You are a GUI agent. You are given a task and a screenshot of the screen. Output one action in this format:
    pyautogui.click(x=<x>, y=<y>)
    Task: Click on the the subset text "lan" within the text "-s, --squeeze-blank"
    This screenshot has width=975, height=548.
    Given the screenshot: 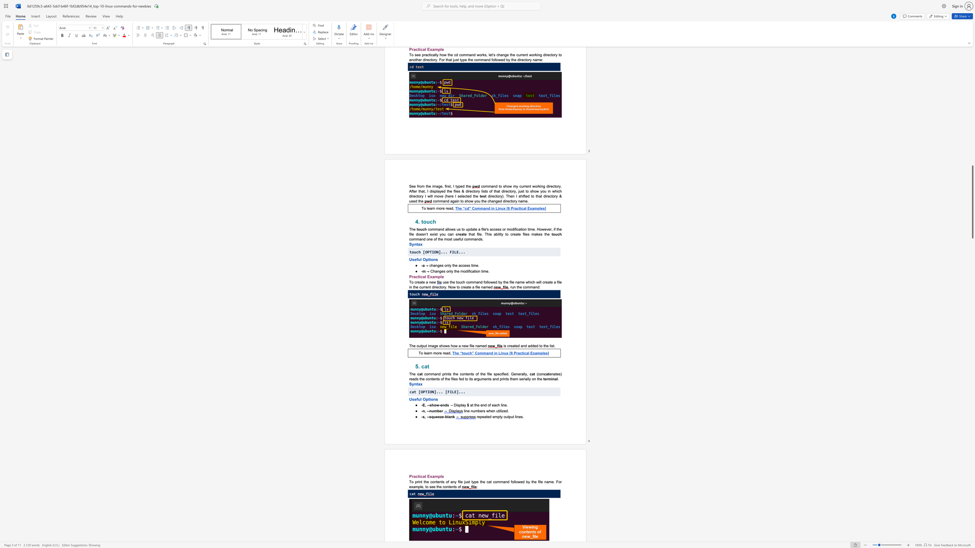 What is the action you would take?
    pyautogui.click(x=447, y=416)
    